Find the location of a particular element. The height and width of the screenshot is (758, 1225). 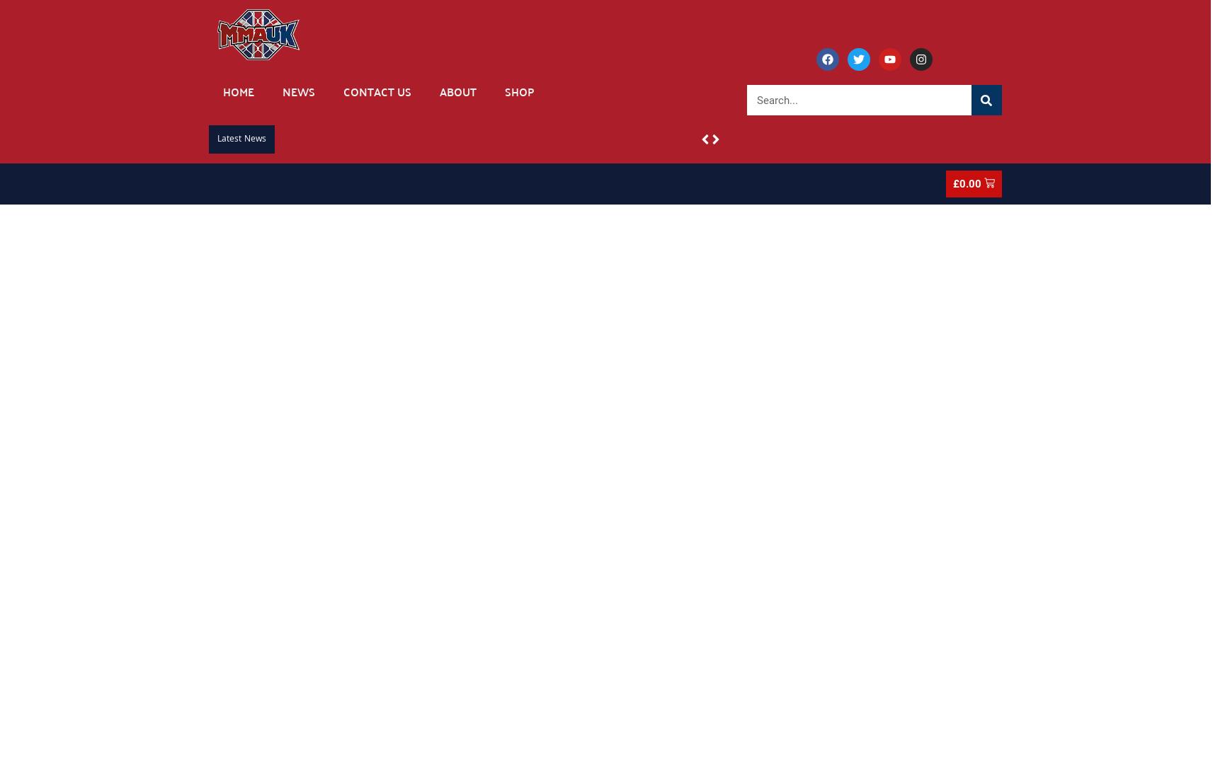

'0.00' is located at coordinates (969, 183).